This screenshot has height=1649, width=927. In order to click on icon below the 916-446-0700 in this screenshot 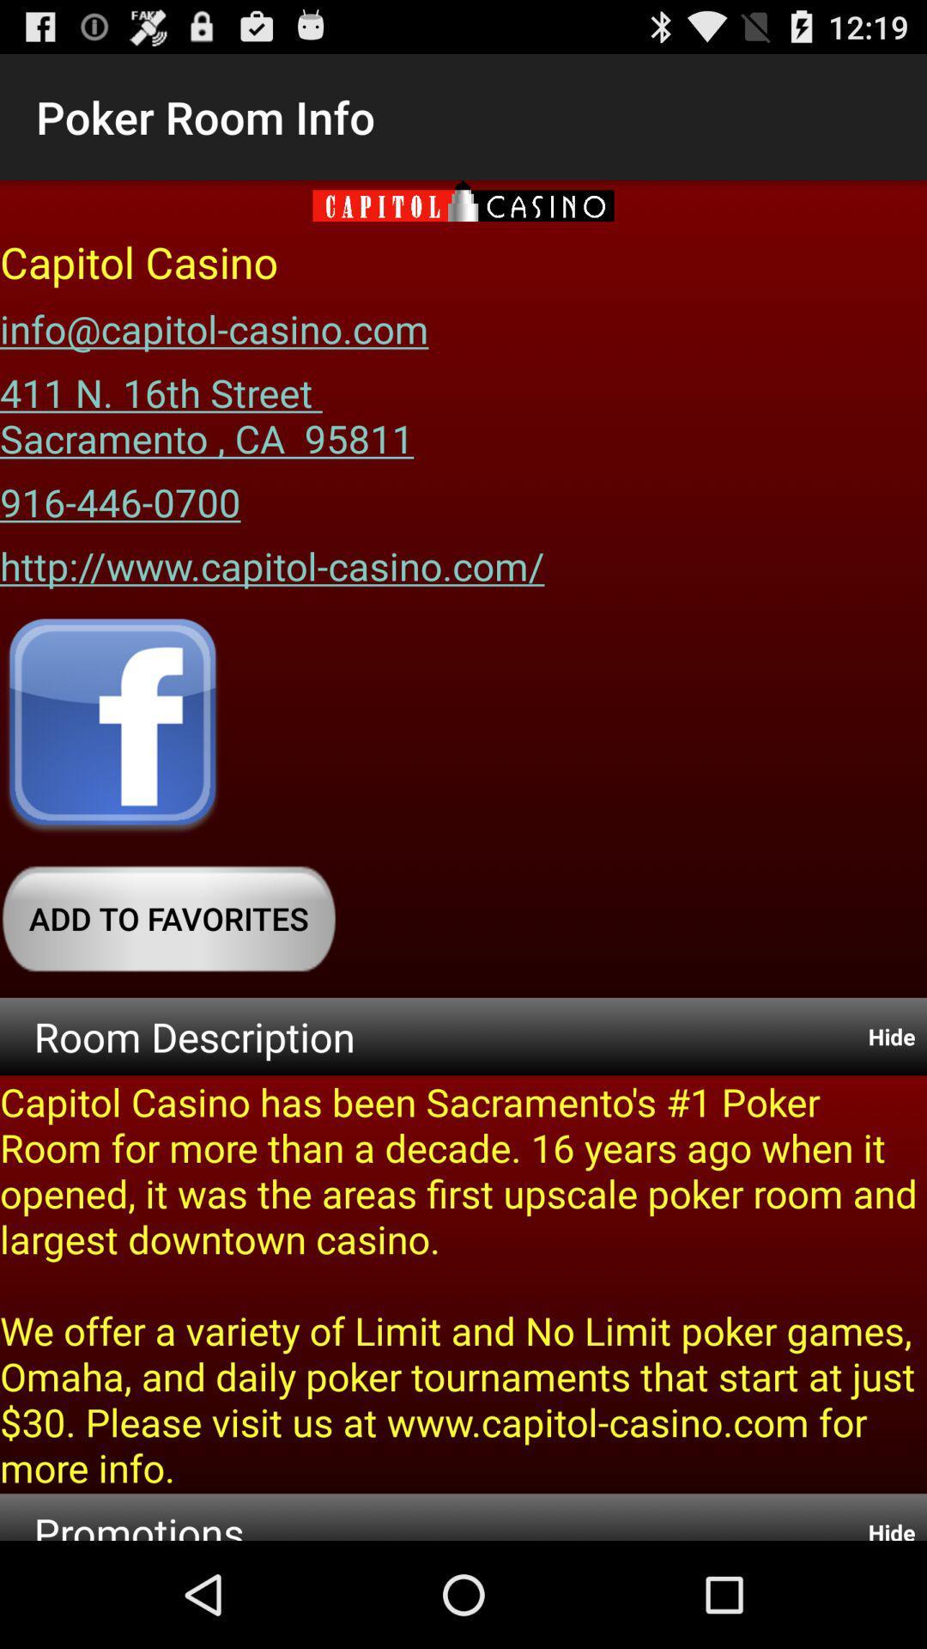, I will do `click(271, 560)`.